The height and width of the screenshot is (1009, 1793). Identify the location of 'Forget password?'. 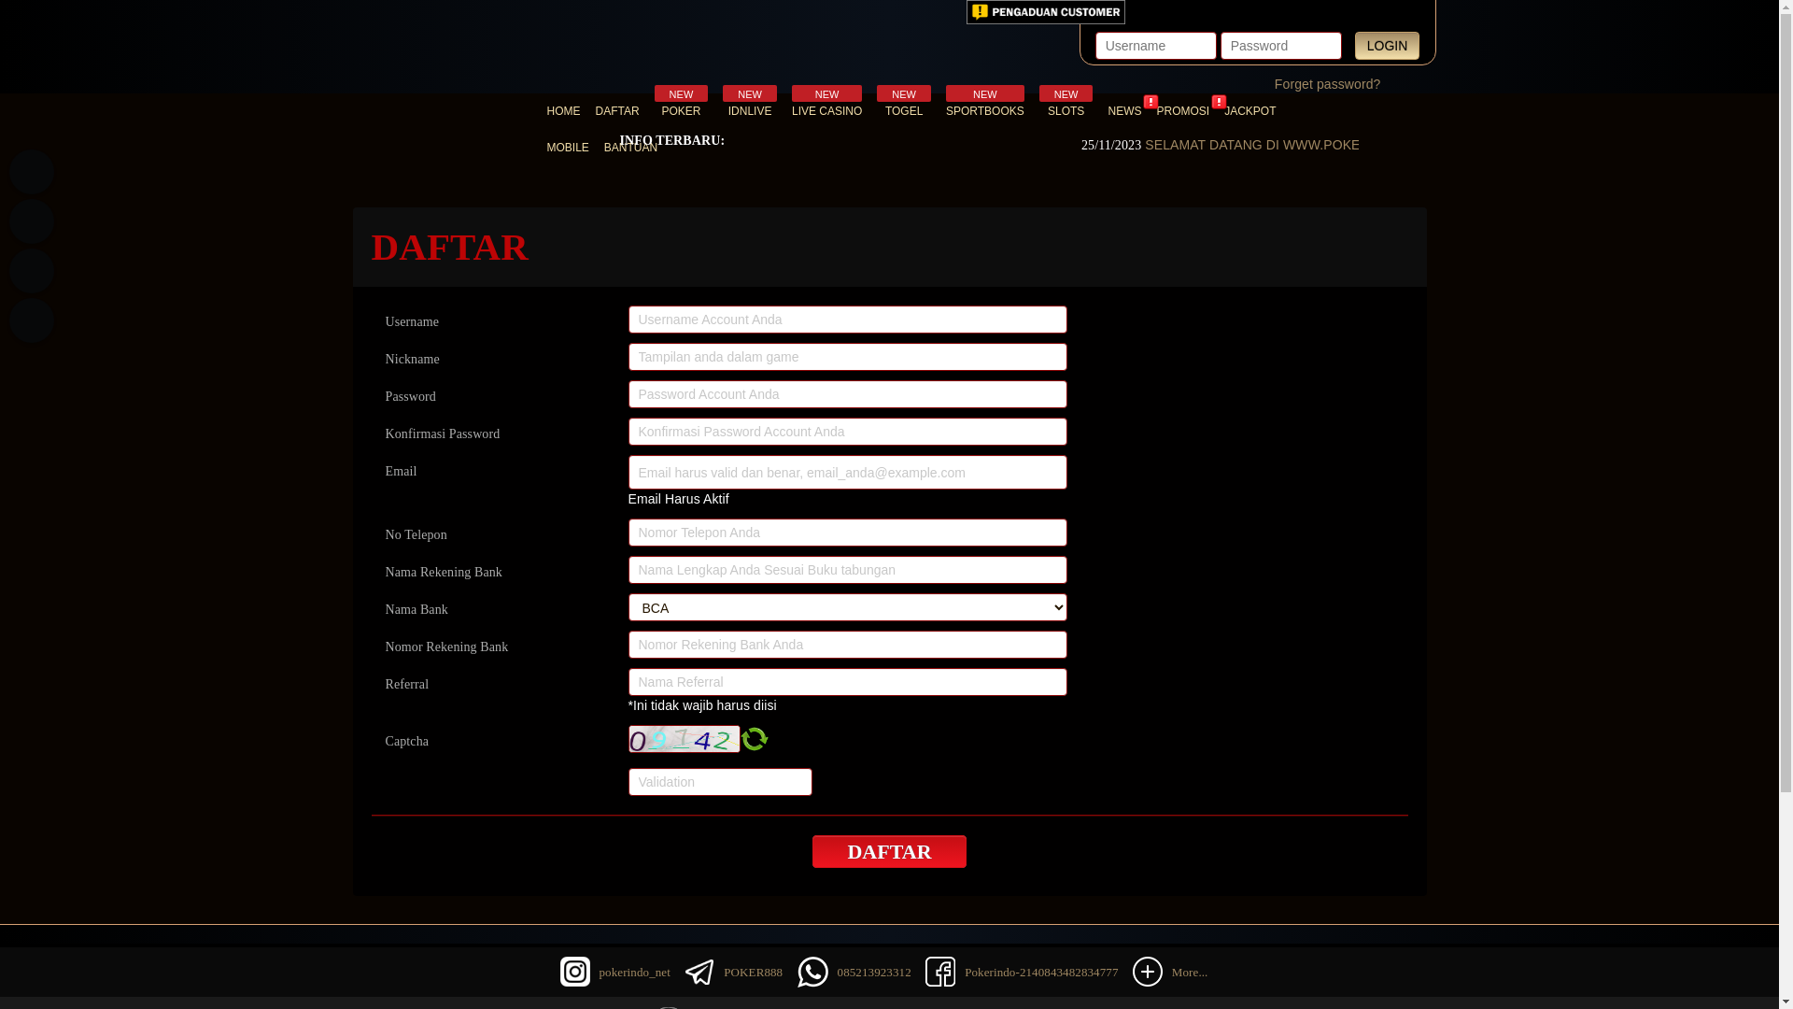
(1273, 82).